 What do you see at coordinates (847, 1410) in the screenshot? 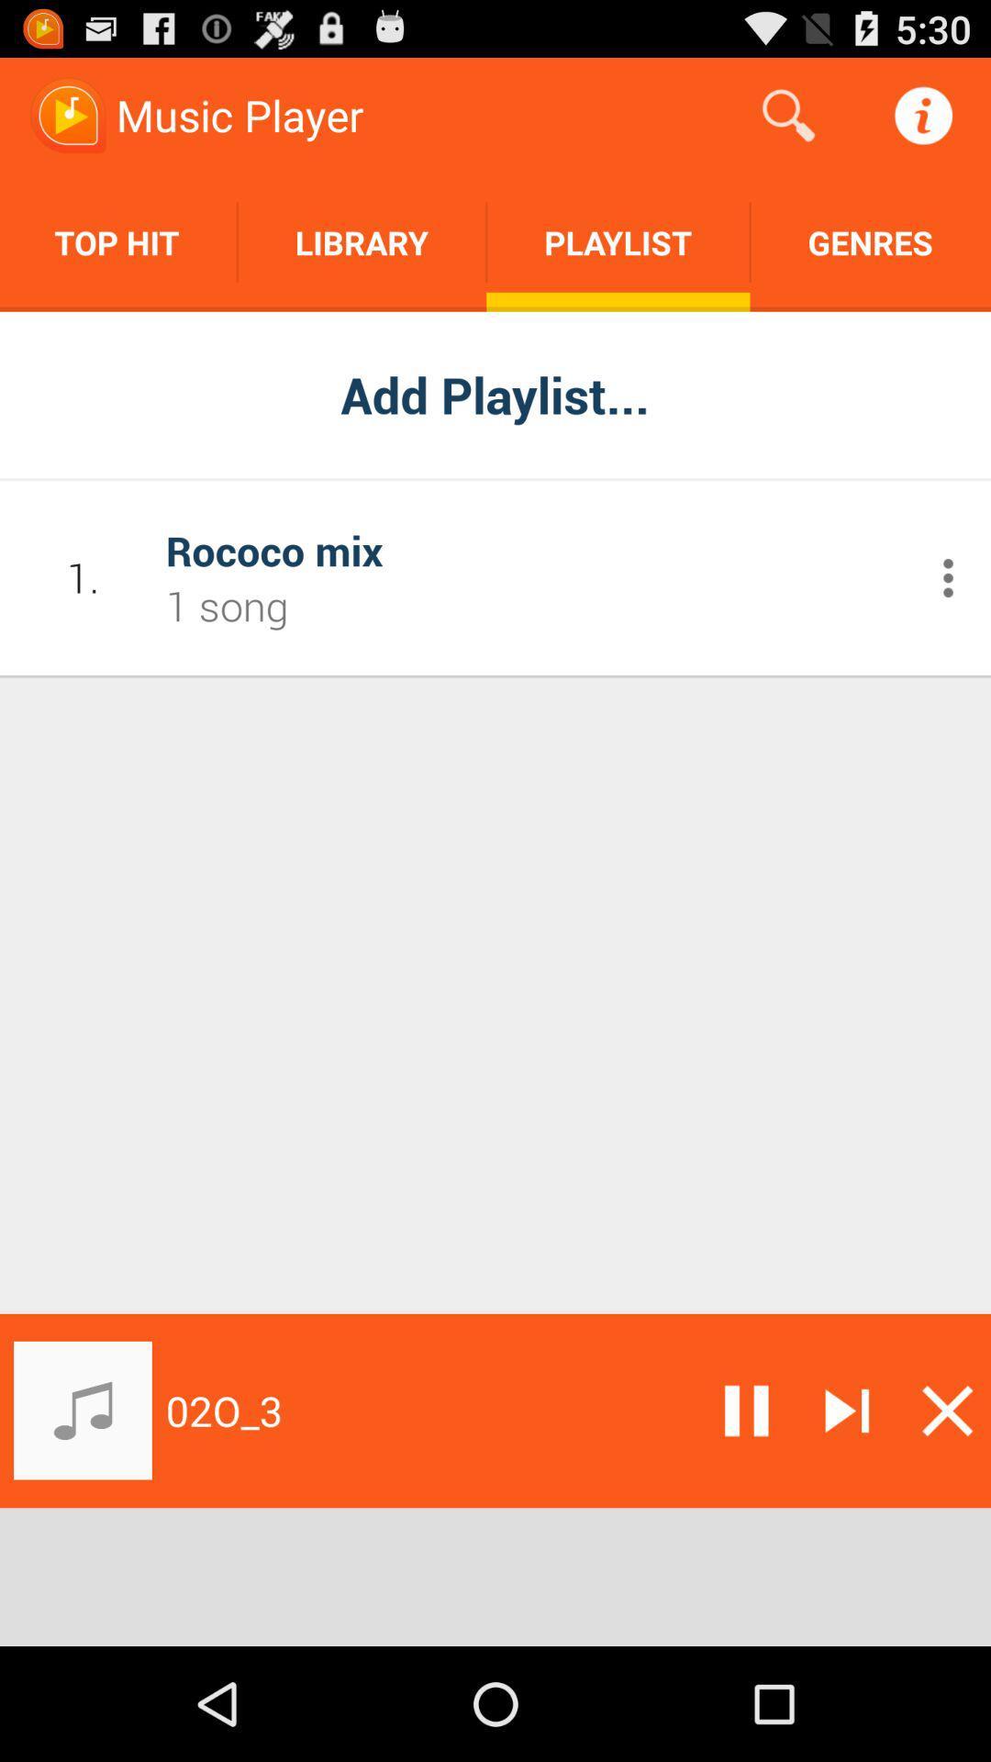
I see `next music` at bounding box center [847, 1410].